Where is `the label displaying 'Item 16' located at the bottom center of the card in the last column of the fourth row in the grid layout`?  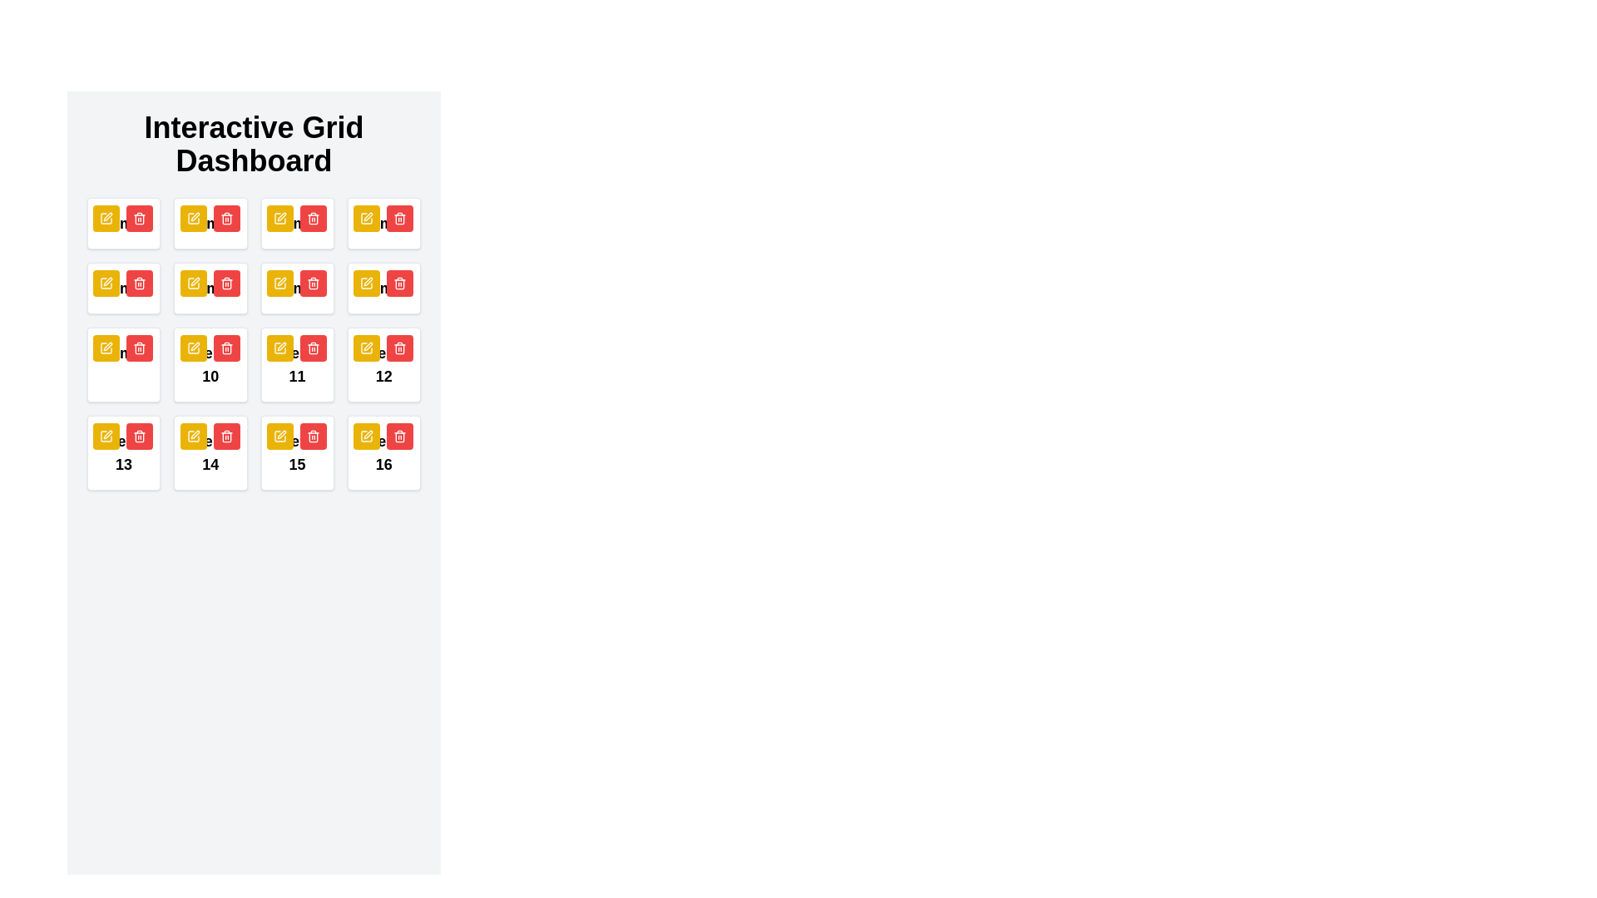 the label displaying 'Item 16' located at the bottom center of the card in the last column of the fourth row in the grid layout is located at coordinates (383, 452).